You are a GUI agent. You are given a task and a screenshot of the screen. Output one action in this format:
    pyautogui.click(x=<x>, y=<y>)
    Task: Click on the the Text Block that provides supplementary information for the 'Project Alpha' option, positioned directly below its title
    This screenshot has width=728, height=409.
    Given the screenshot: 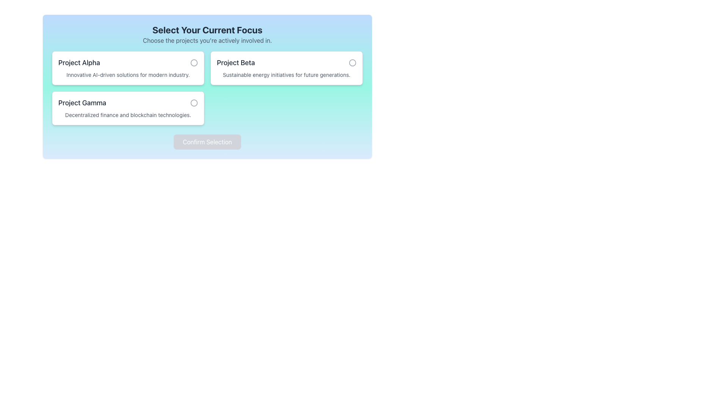 What is the action you would take?
    pyautogui.click(x=128, y=75)
    